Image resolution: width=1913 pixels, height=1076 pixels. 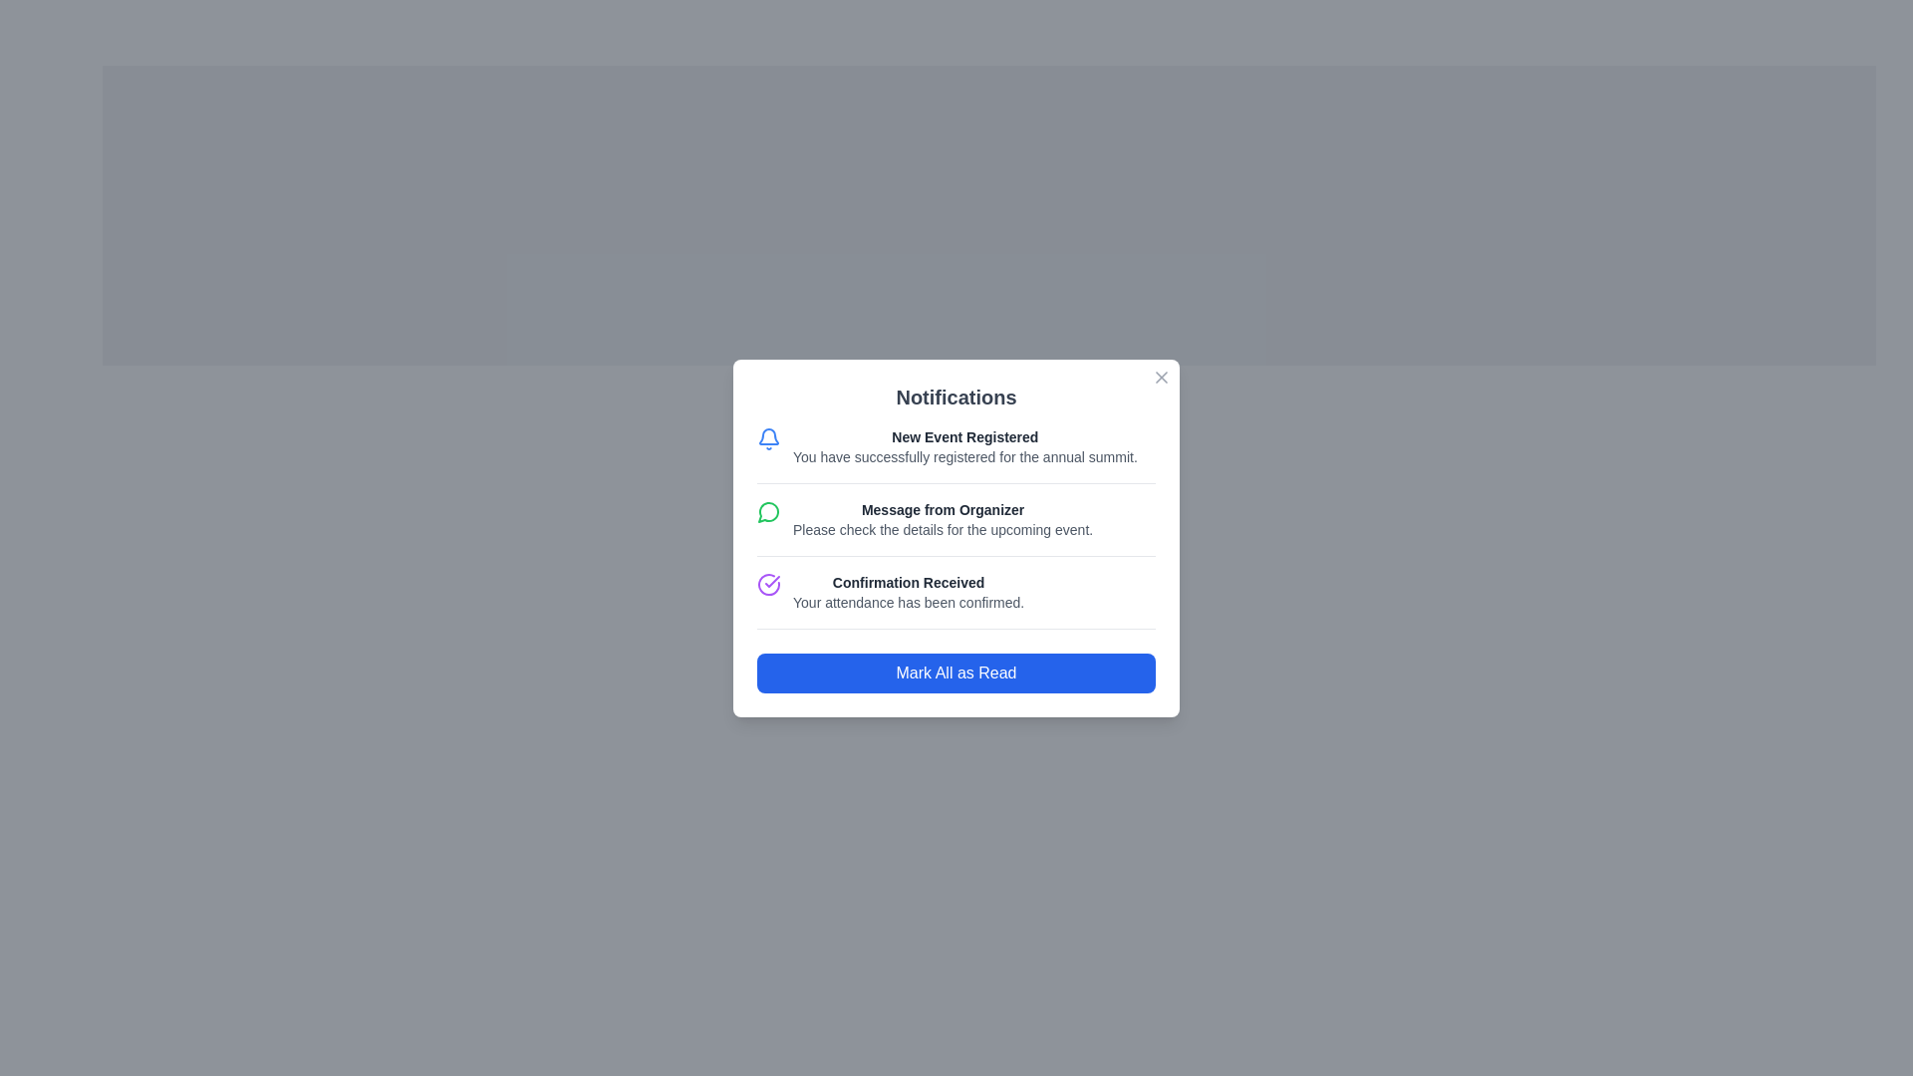 I want to click on the static text that reads 'Please check the details for the upcoming event' located below the bold title 'Message from Organizer' in the notification card, so click(x=942, y=528).